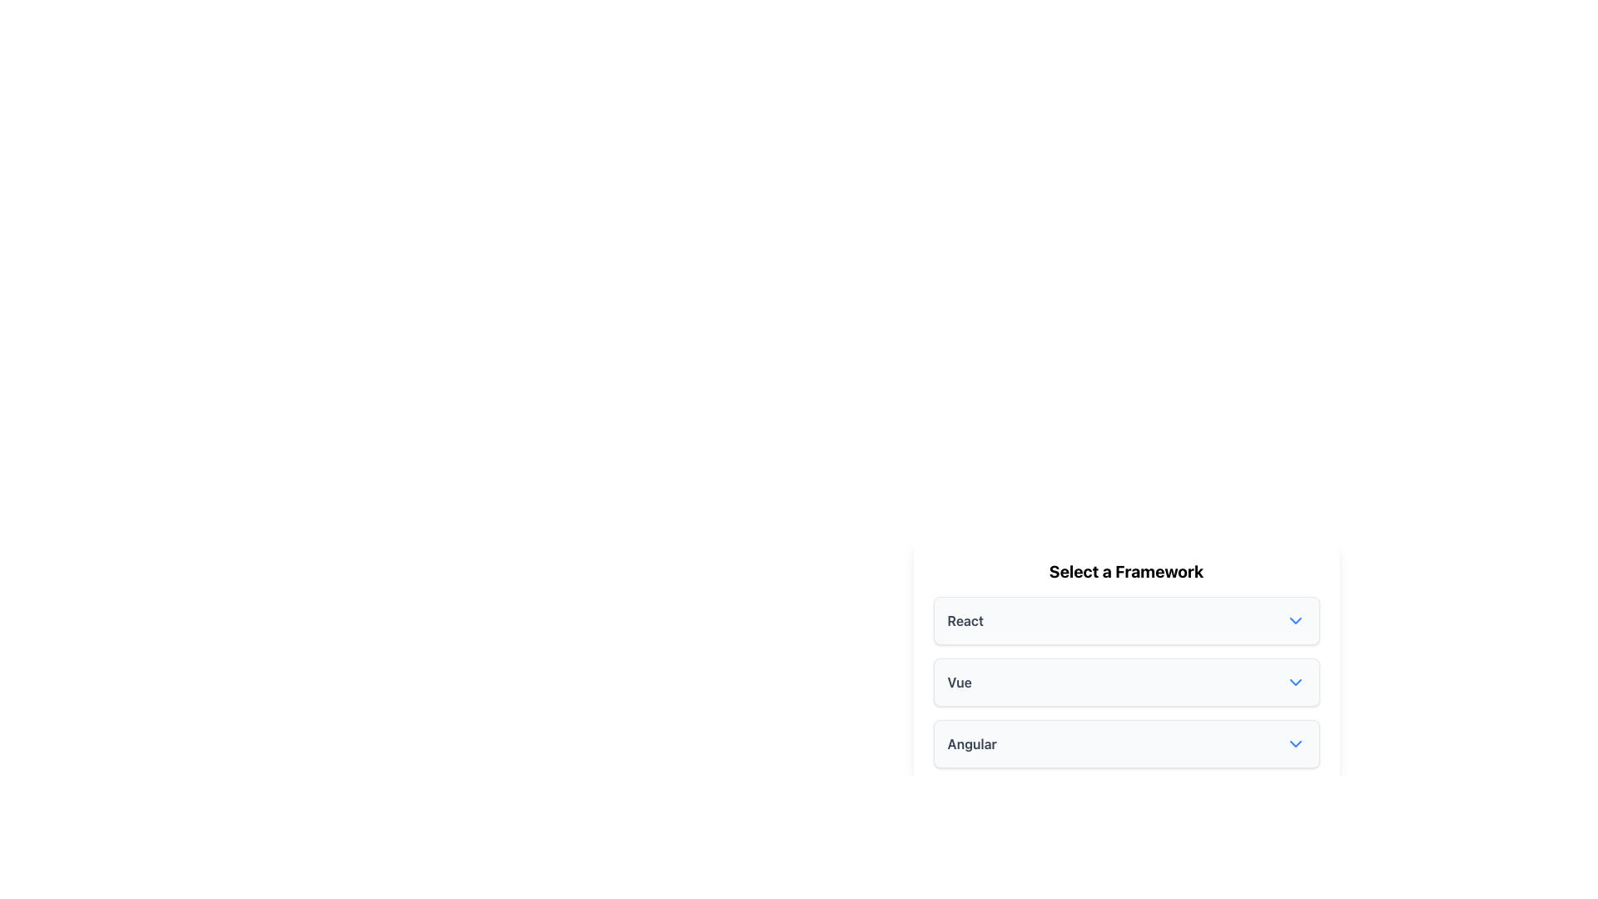 This screenshot has height=899, width=1598. I want to click on text label representing the third framework option under 'Select a Framework', which is located below the options 'React' and 'Vue', so click(972, 743).